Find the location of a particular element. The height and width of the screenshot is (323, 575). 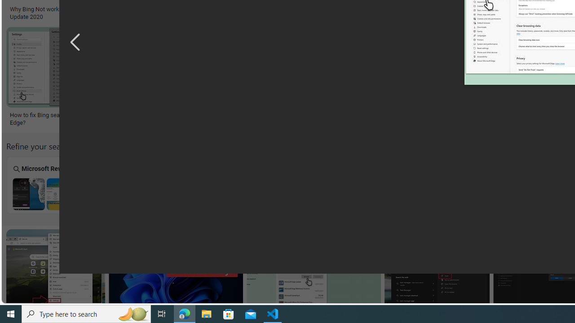

'Microsoft Rewards Bing Search Not Working' is located at coordinates (45, 193).